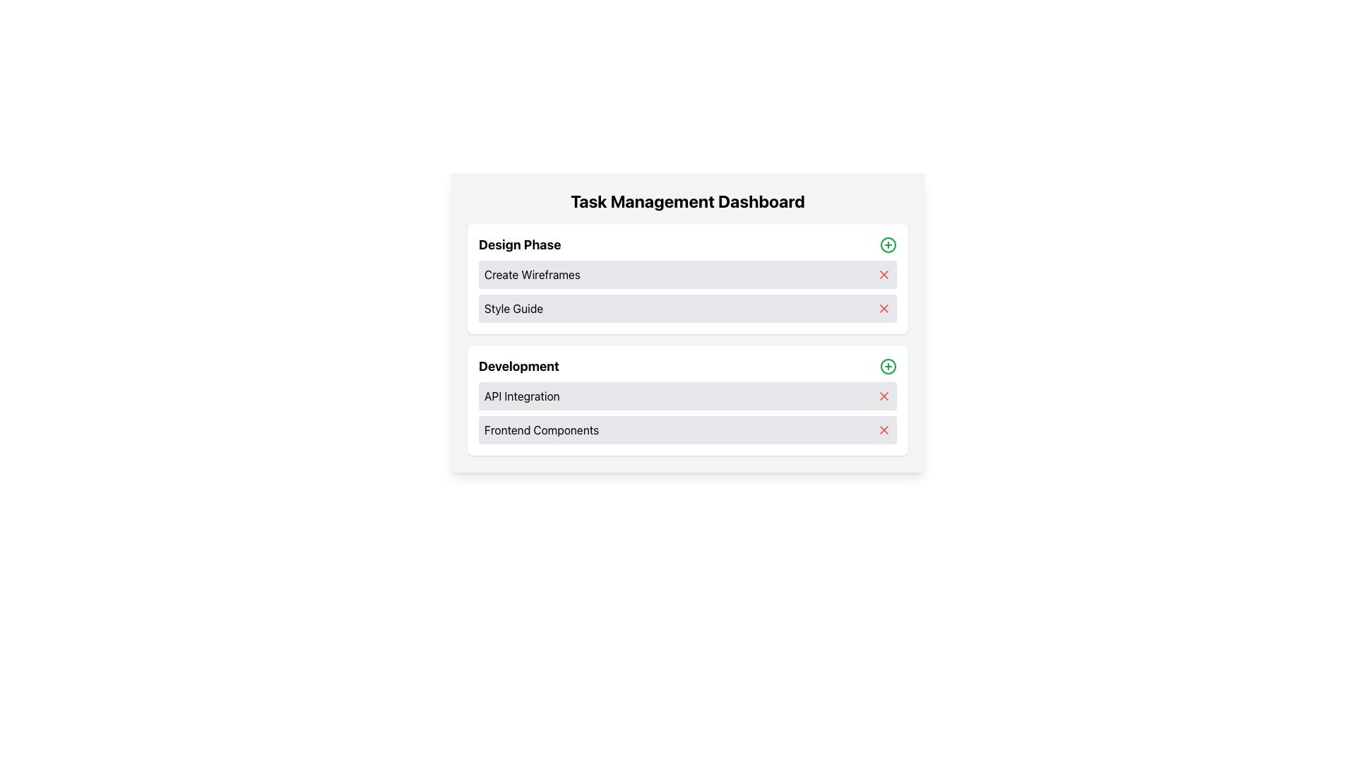 This screenshot has width=1356, height=763. I want to click on the small red outlined 'X' button located in the 'Design Phase' section, aligned to the far right of the 'Create Wireframes' row, so click(884, 275).